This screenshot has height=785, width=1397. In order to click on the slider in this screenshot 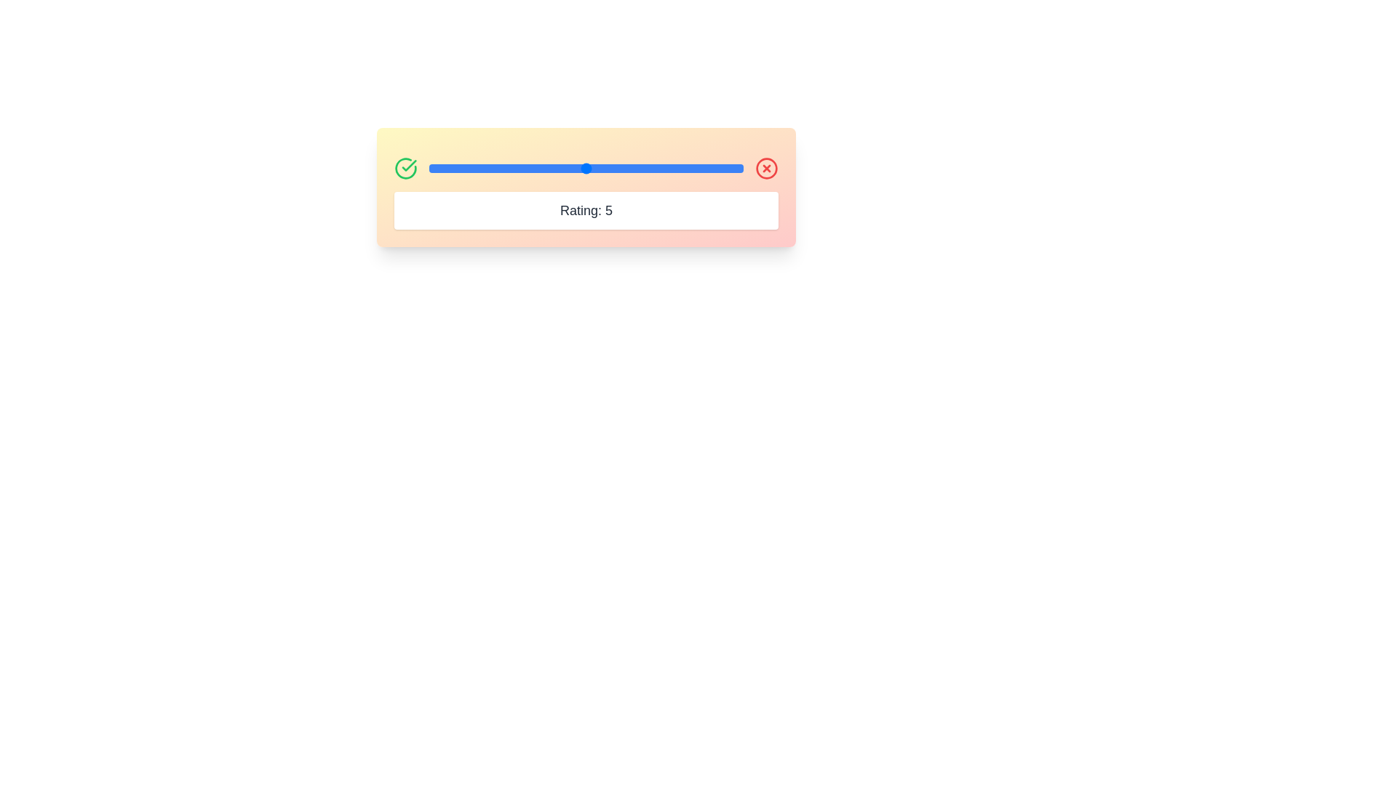, I will do `click(460, 167)`.